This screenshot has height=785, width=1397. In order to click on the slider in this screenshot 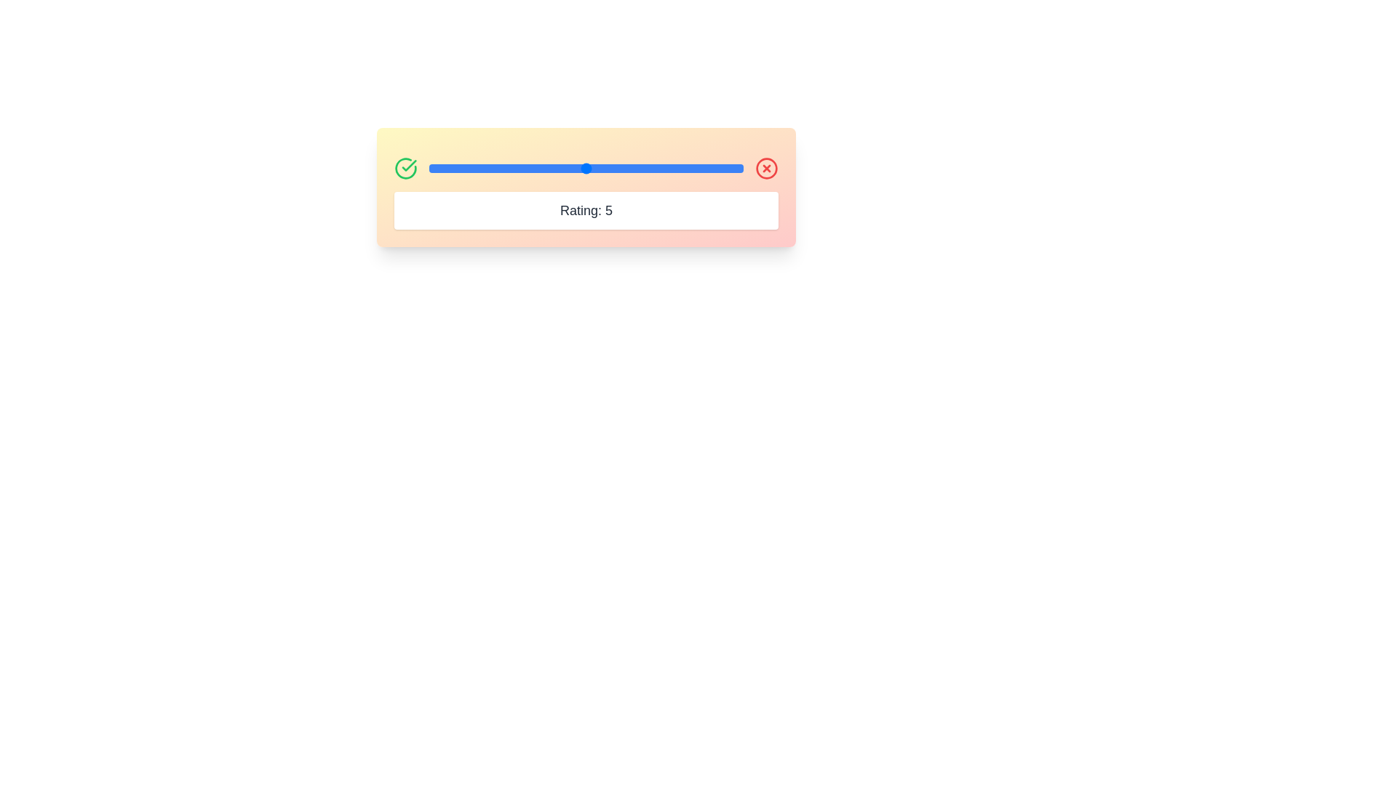, I will do `click(460, 167)`.